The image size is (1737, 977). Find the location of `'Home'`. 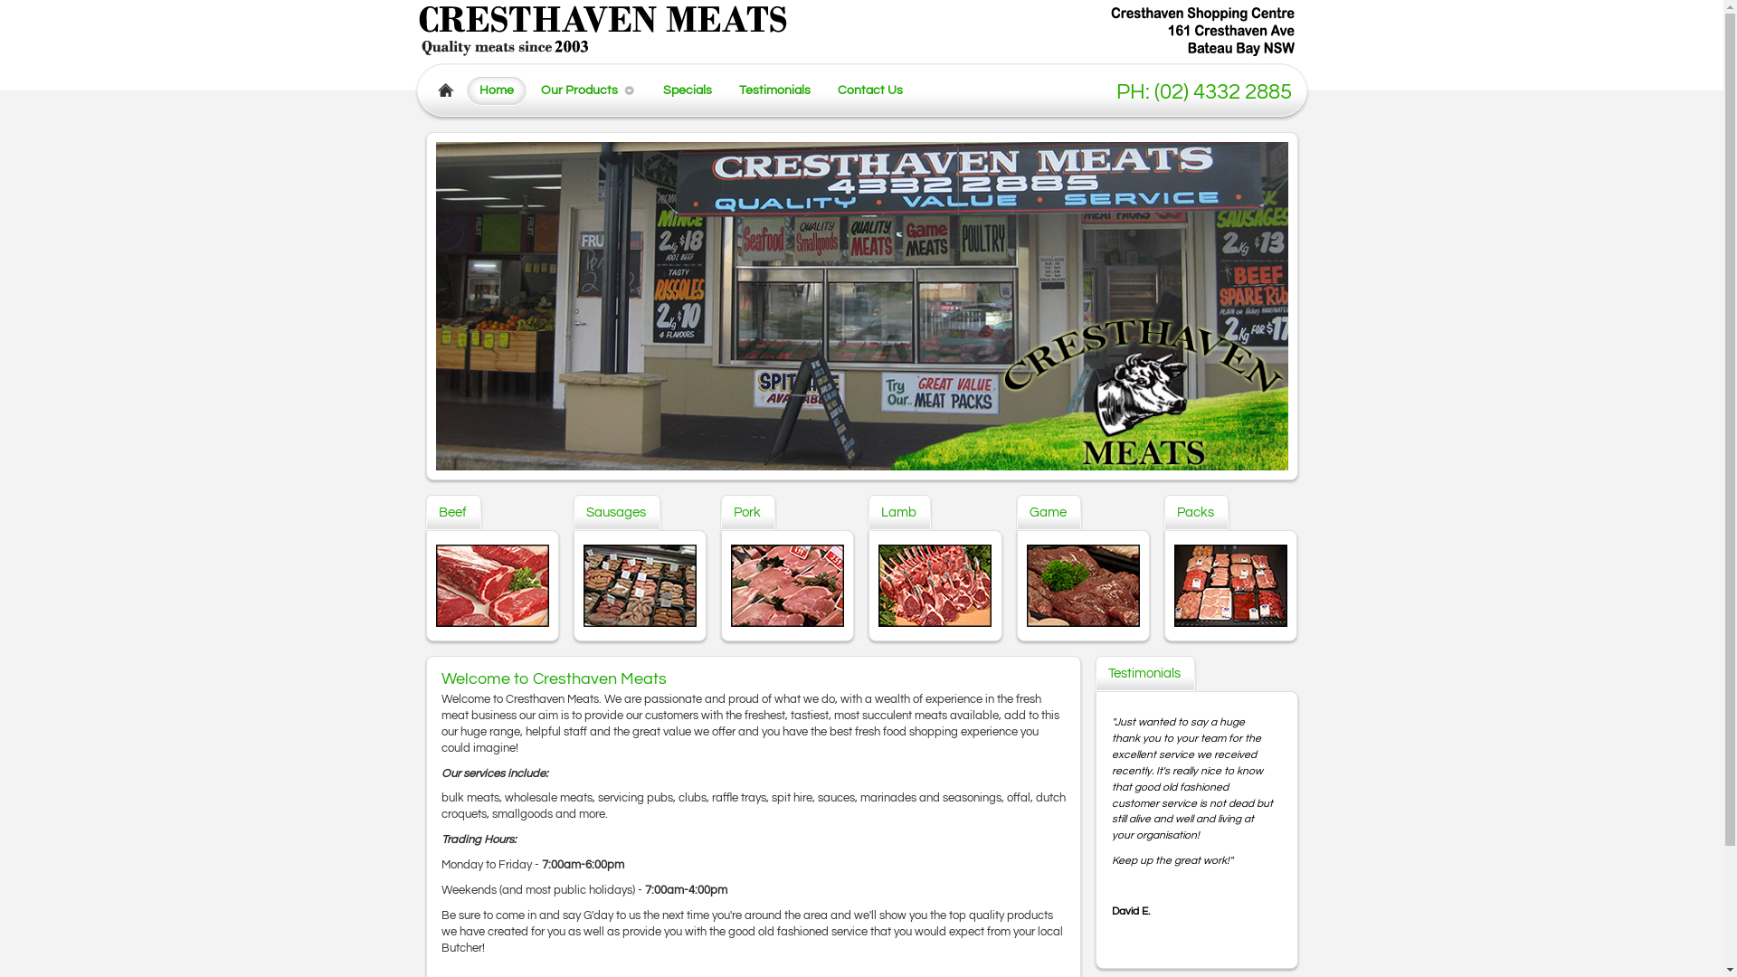

'Home' is located at coordinates (466, 90).